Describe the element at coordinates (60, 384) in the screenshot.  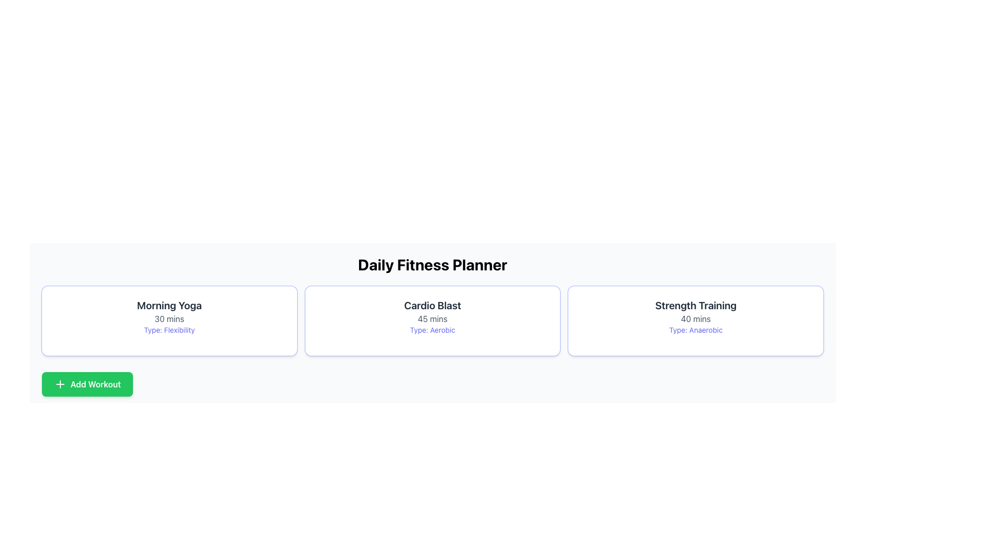
I see `the 'add' icon located within the 'Add Workout' button, which is positioned towards the left end of the button, preceding the text label 'Add Workout'` at that location.